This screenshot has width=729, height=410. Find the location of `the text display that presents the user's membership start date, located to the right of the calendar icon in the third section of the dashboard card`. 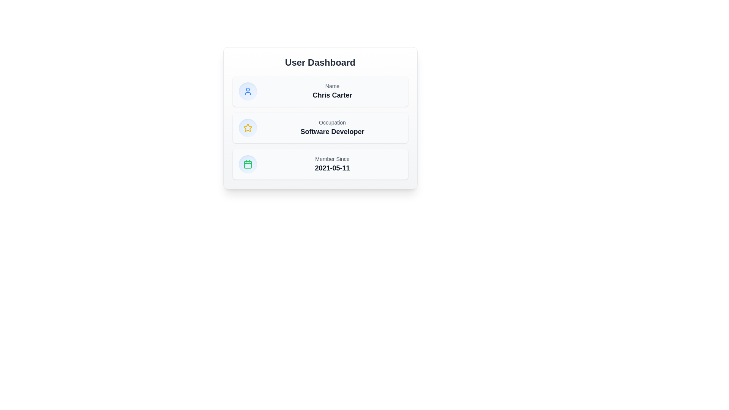

the text display that presents the user's membership start date, located to the right of the calendar icon in the third section of the dashboard card is located at coordinates (332, 164).